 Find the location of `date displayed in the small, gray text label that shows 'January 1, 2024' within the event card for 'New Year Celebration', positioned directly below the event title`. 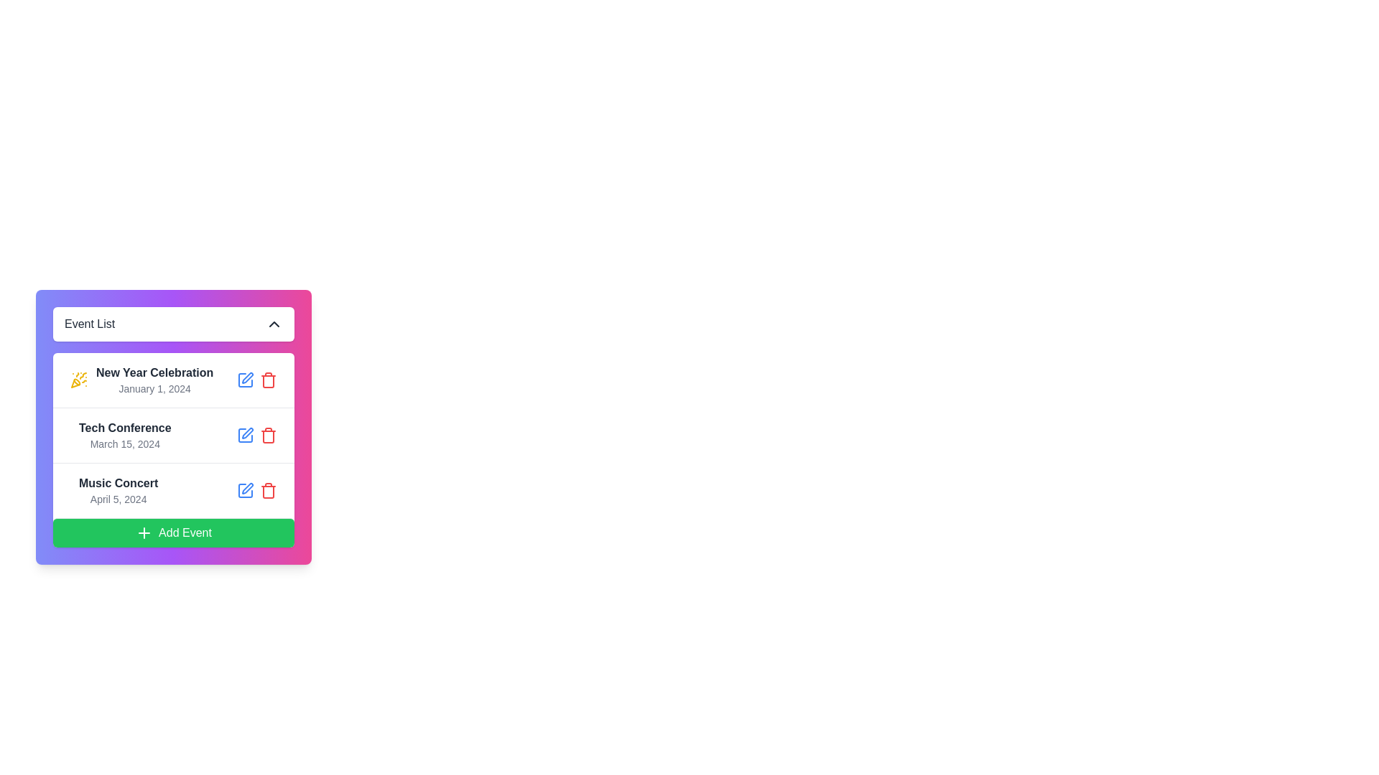

date displayed in the small, gray text label that shows 'January 1, 2024' within the event card for 'New Year Celebration', positioned directly below the event title is located at coordinates (154, 389).